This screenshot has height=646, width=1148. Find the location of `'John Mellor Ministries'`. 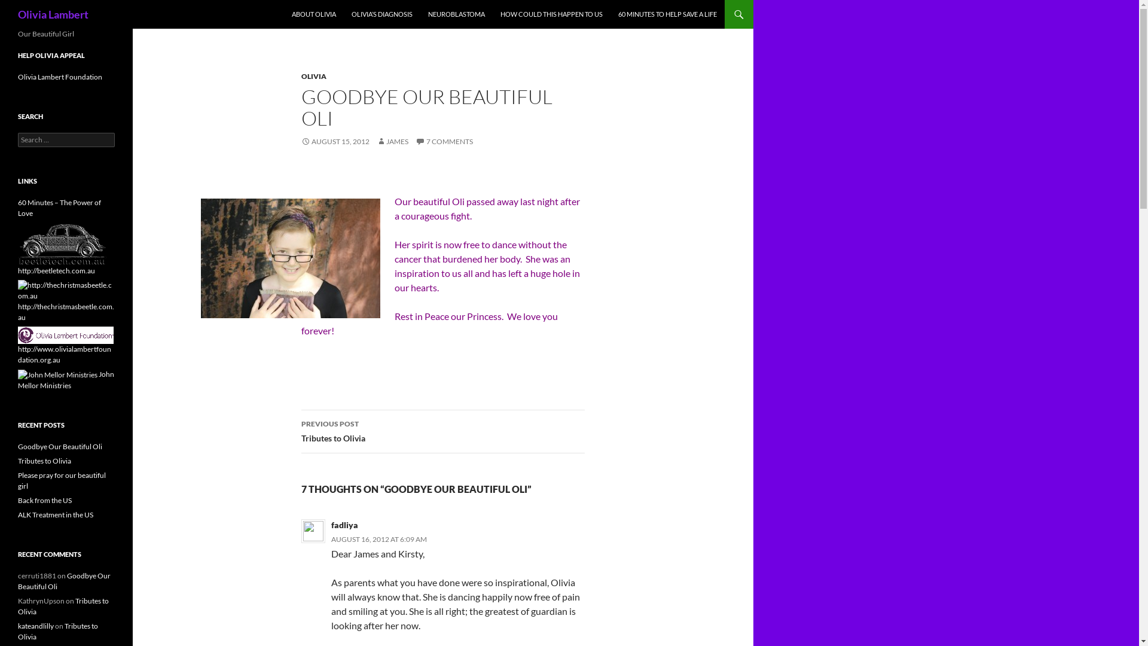

'John Mellor Ministries' is located at coordinates (65, 380).